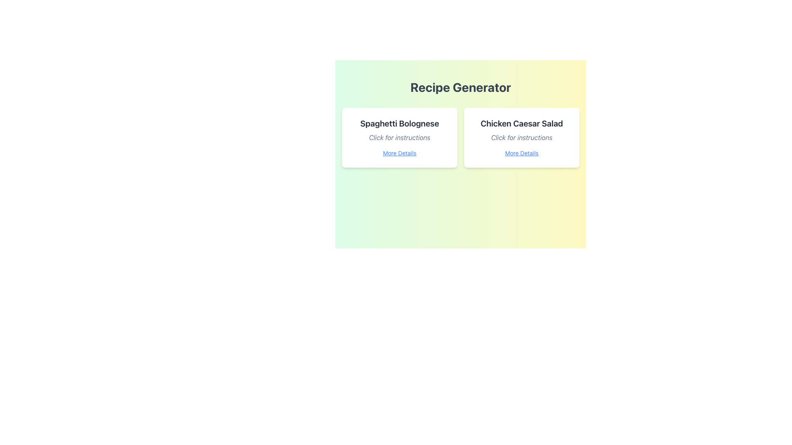  Describe the element at coordinates (400, 137) in the screenshot. I see `the static text element located below the 'Spaghetti Bolognese' header and above the 'More Details' link` at that location.